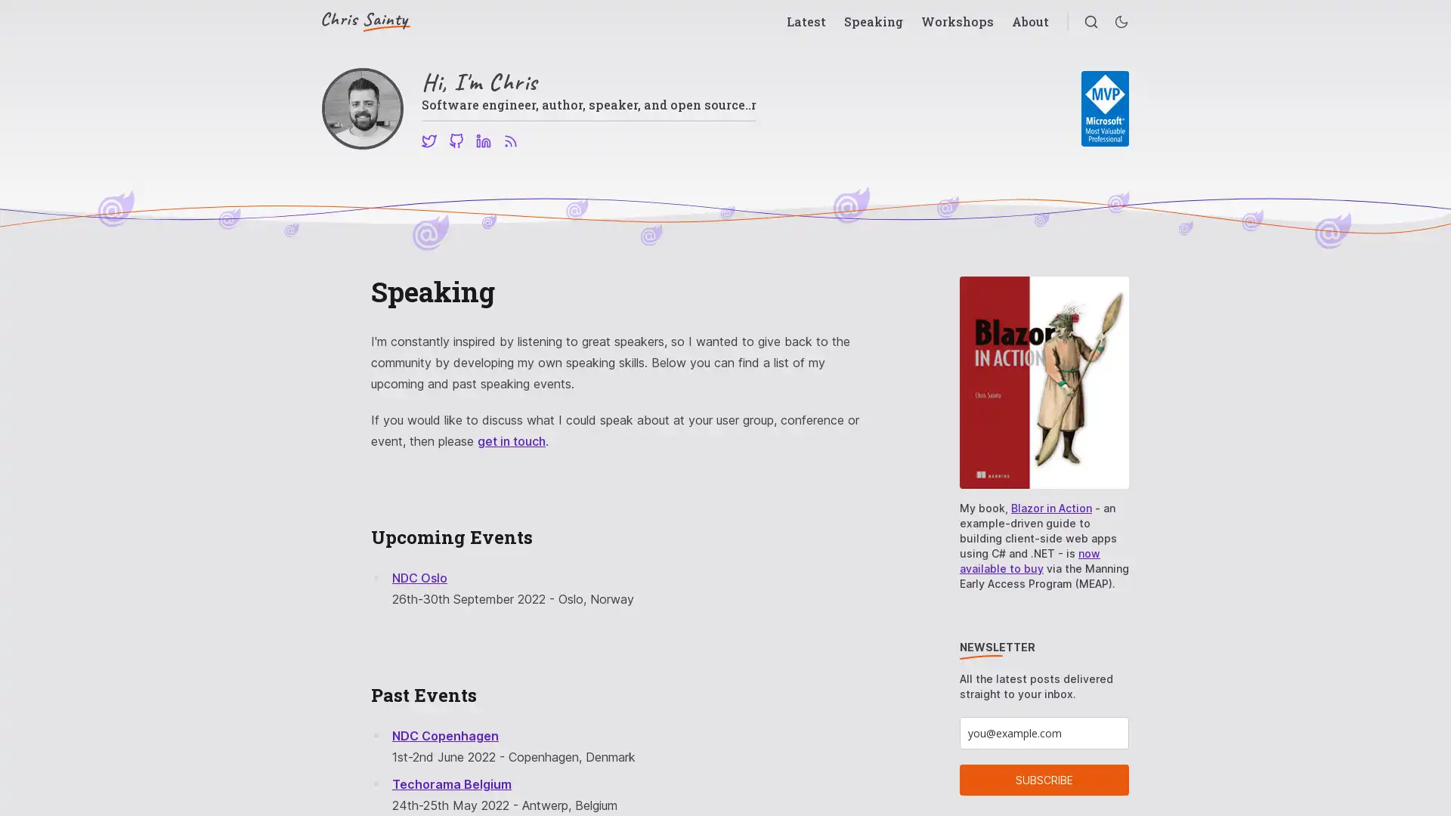 This screenshot has height=816, width=1451. I want to click on SUBSCRIBE, so click(1044, 780).